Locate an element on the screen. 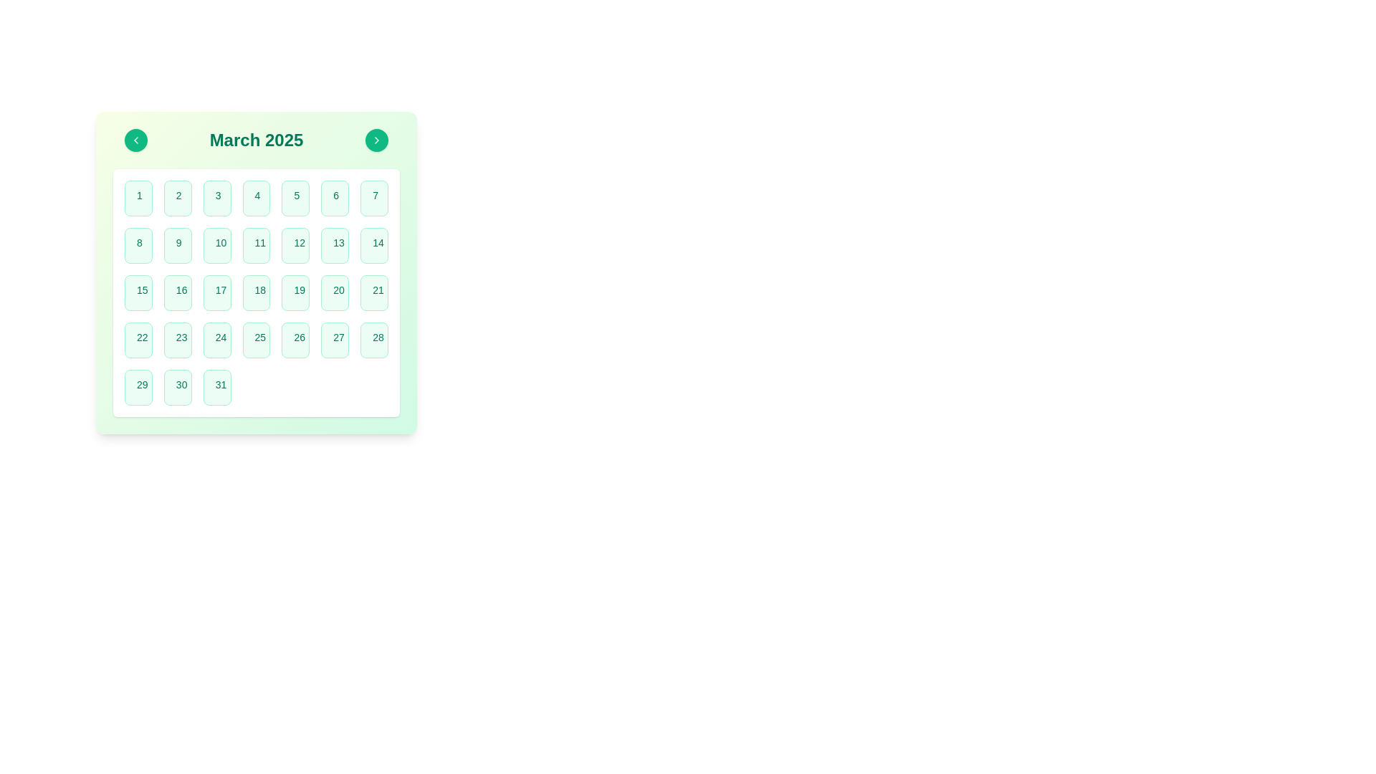 This screenshot has width=1376, height=774. the calendar button representing the 27th date is located at coordinates (334, 340).